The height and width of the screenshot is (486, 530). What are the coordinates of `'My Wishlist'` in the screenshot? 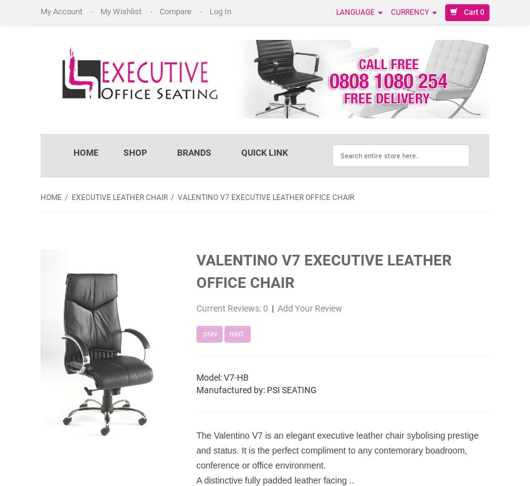 It's located at (121, 11).